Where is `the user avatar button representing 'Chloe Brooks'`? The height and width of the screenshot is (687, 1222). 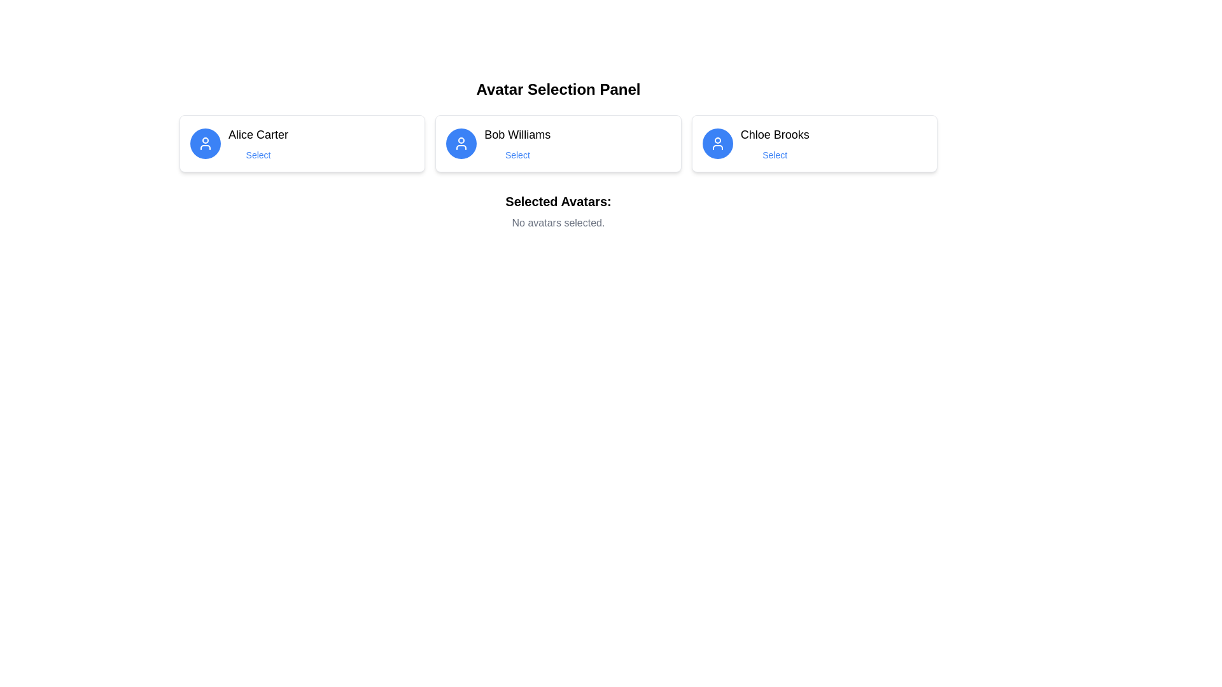 the user avatar button representing 'Chloe Brooks' is located at coordinates (717, 143).